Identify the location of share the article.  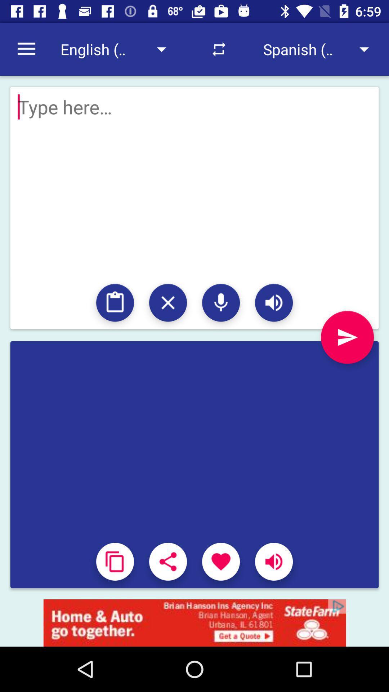
(168, 561).